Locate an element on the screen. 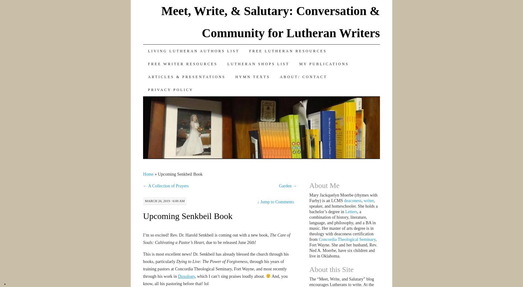  'And, you know, all his pastoring before that! lol' is located at coordinates (215, 280).